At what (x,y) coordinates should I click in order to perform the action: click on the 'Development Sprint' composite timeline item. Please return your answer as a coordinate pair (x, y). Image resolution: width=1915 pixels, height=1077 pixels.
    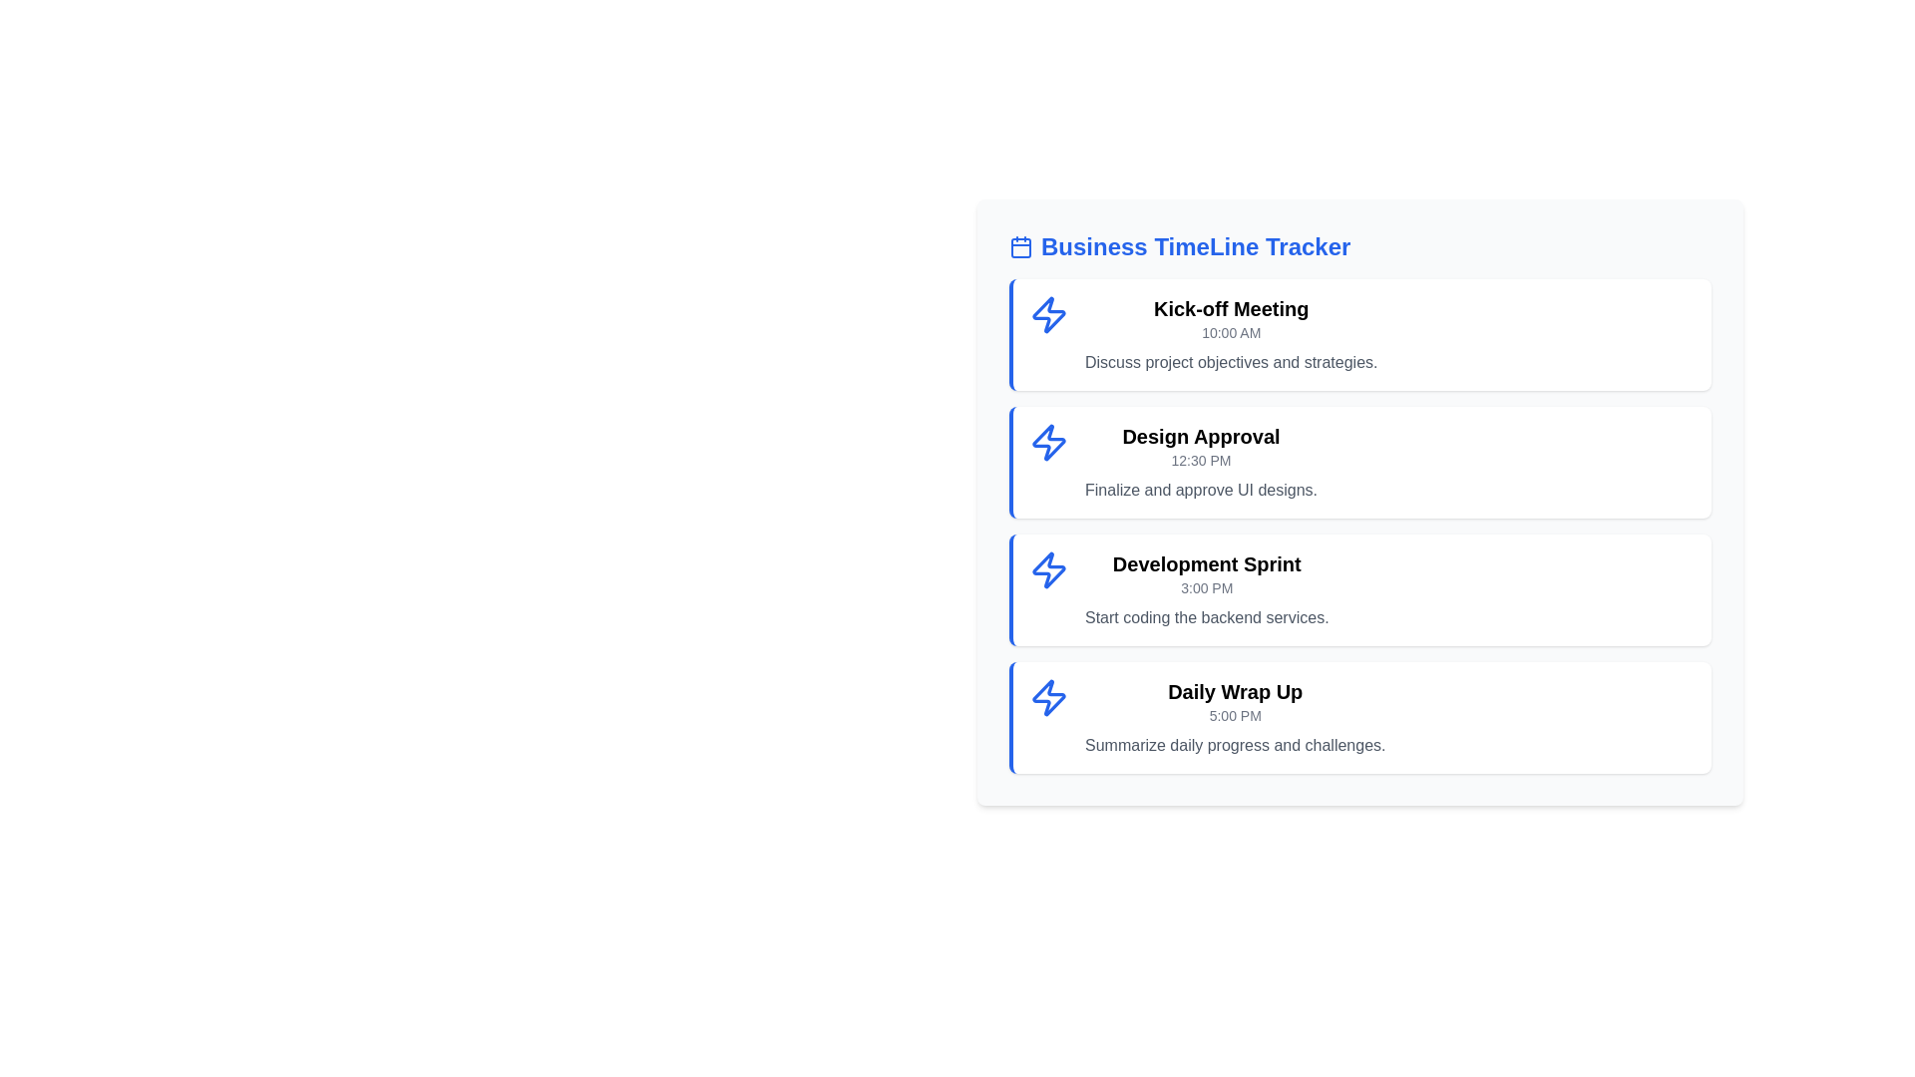
    Looking at the image, I should click on (1205, 588).